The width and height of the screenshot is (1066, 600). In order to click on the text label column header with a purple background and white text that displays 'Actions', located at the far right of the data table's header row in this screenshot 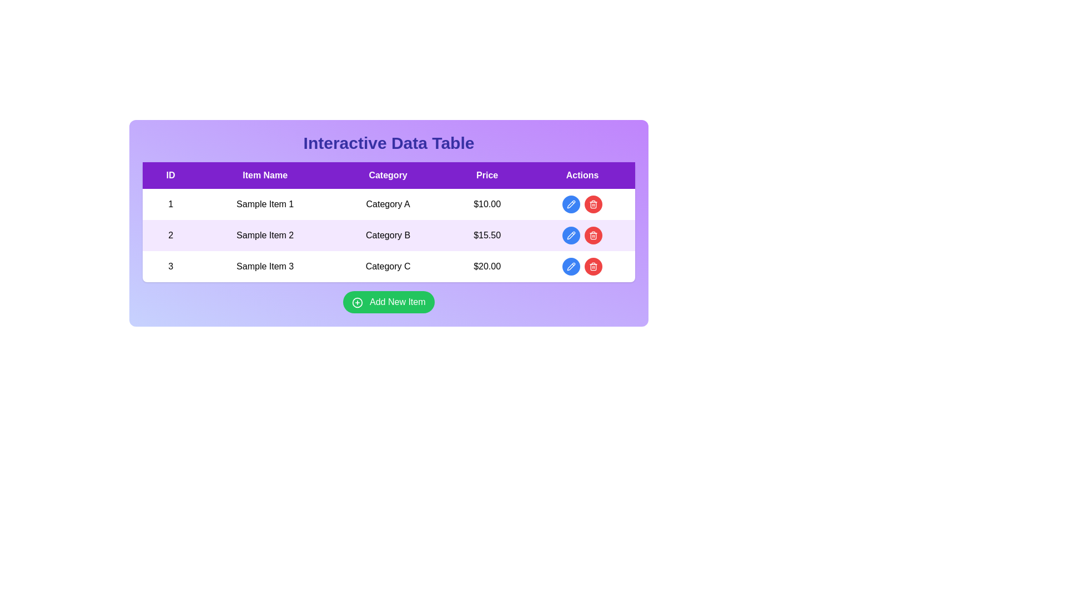, I will do `click(582, 175)`.